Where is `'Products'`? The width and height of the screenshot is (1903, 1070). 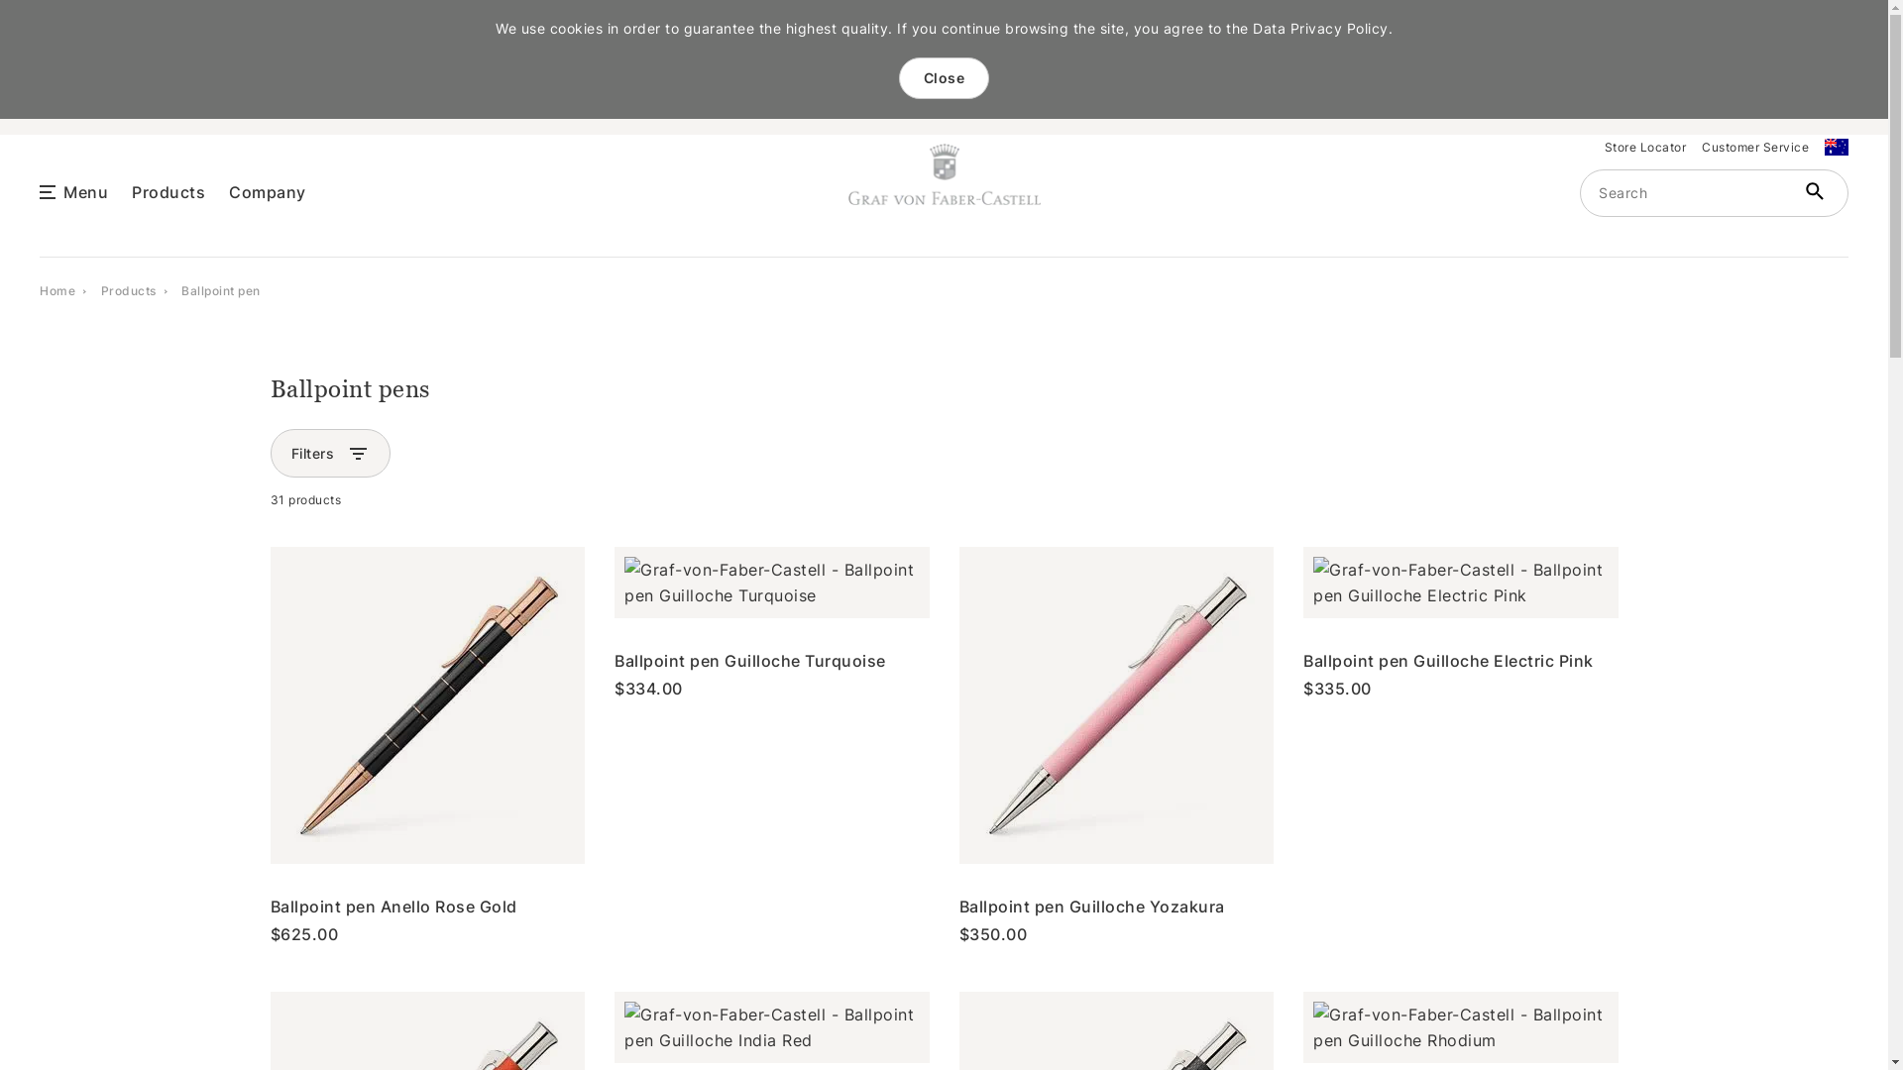
'Products' is located at coordinates (99, 289).